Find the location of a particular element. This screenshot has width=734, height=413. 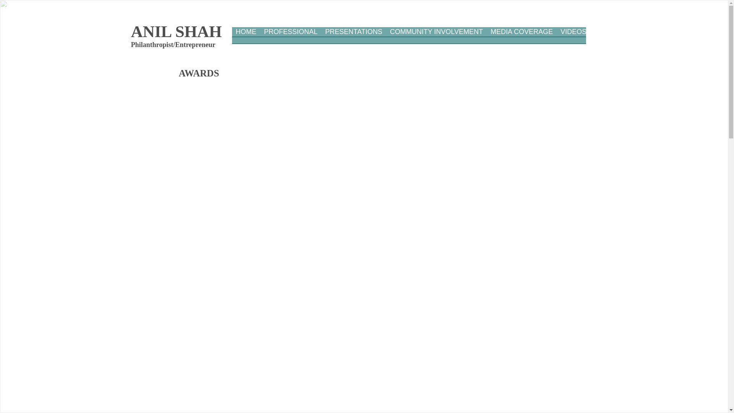

'PROFESSIONAL' is located at coordinates (290, 38).